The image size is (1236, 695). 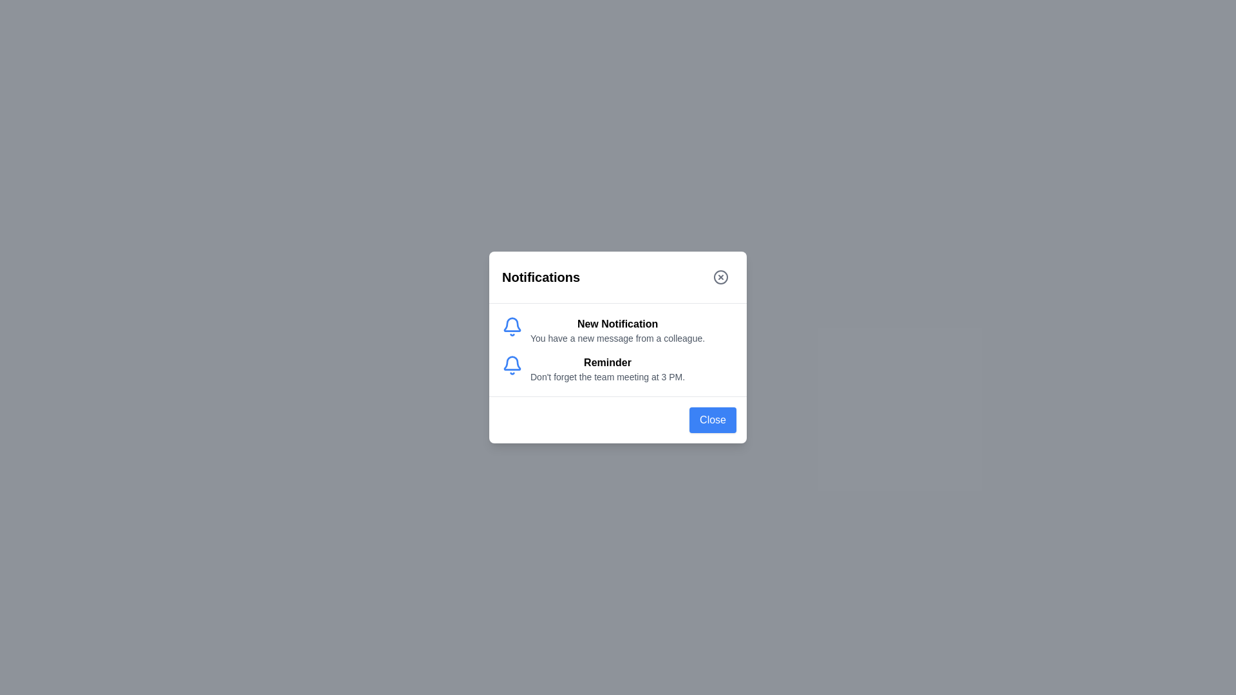 What do you see at coordinates (512, 324) in the screenshot?
I see `the notification bell icon, which is styled in blue and located inside the notification card below the 'Notifications' heading, to the left of 'Reminder', by clicking on it` at bounding box center [512, 324].